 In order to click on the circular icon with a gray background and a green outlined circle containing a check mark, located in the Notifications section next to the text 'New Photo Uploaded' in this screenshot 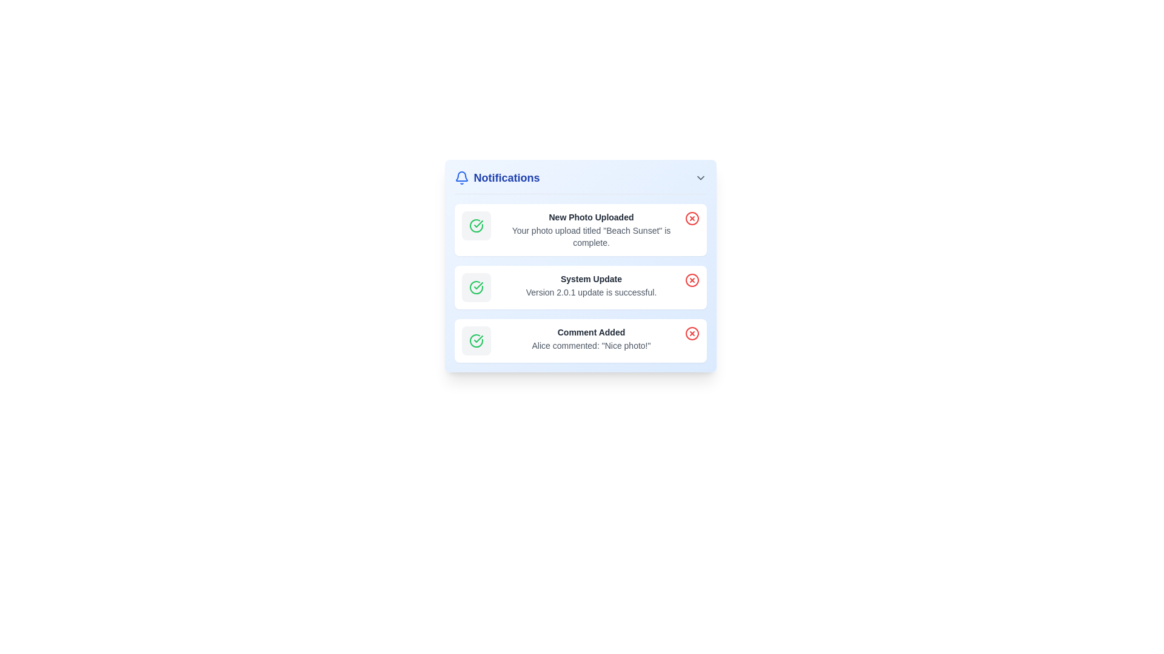, I will do `click(475, 226)`.